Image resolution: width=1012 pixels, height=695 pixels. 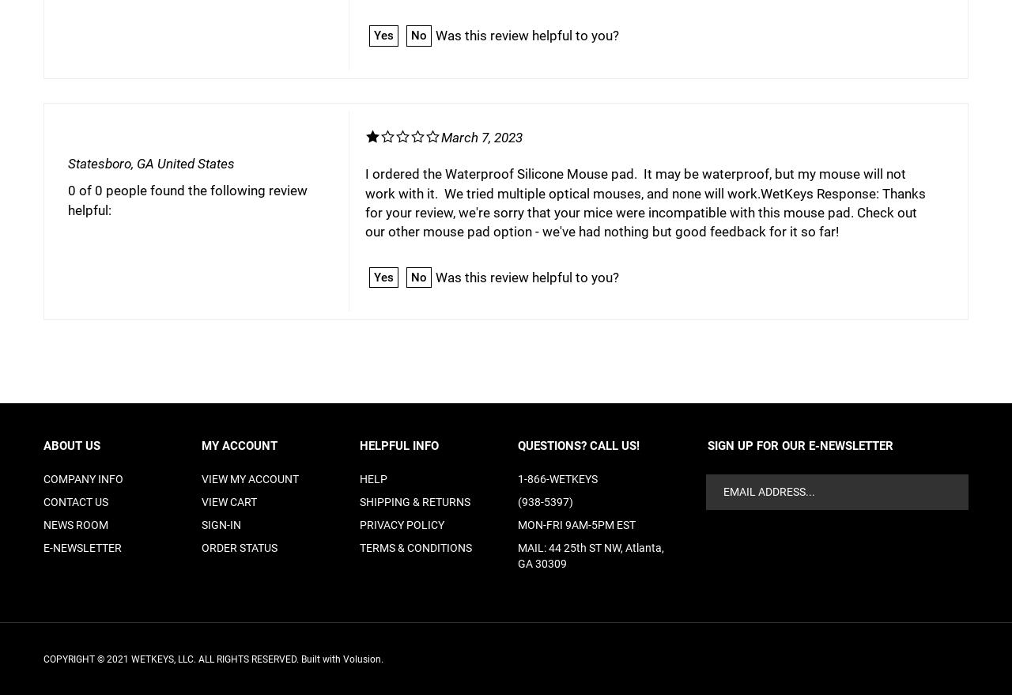 I want to click on 'ABOUT US', so click(x=43, y=444).